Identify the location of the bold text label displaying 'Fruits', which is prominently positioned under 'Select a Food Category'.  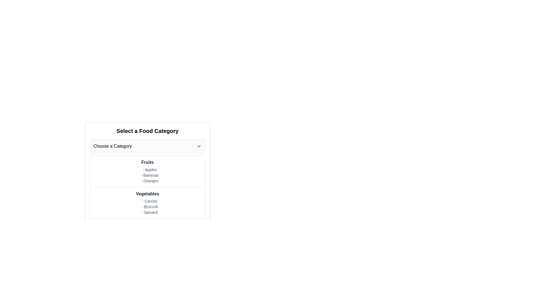
(147, 162).